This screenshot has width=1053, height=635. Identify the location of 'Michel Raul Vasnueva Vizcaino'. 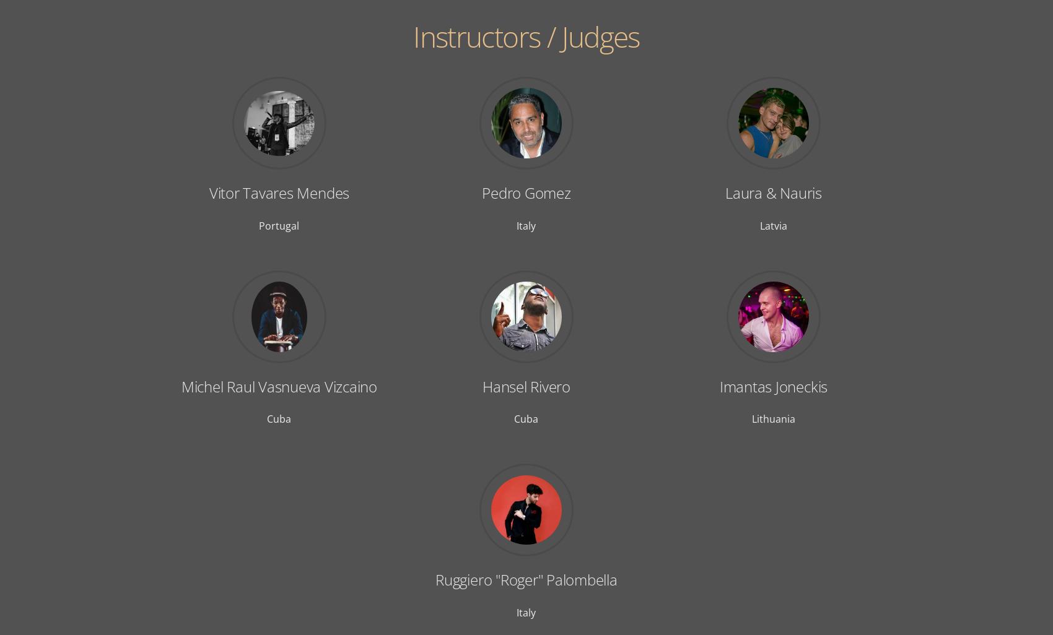
(278, 386).